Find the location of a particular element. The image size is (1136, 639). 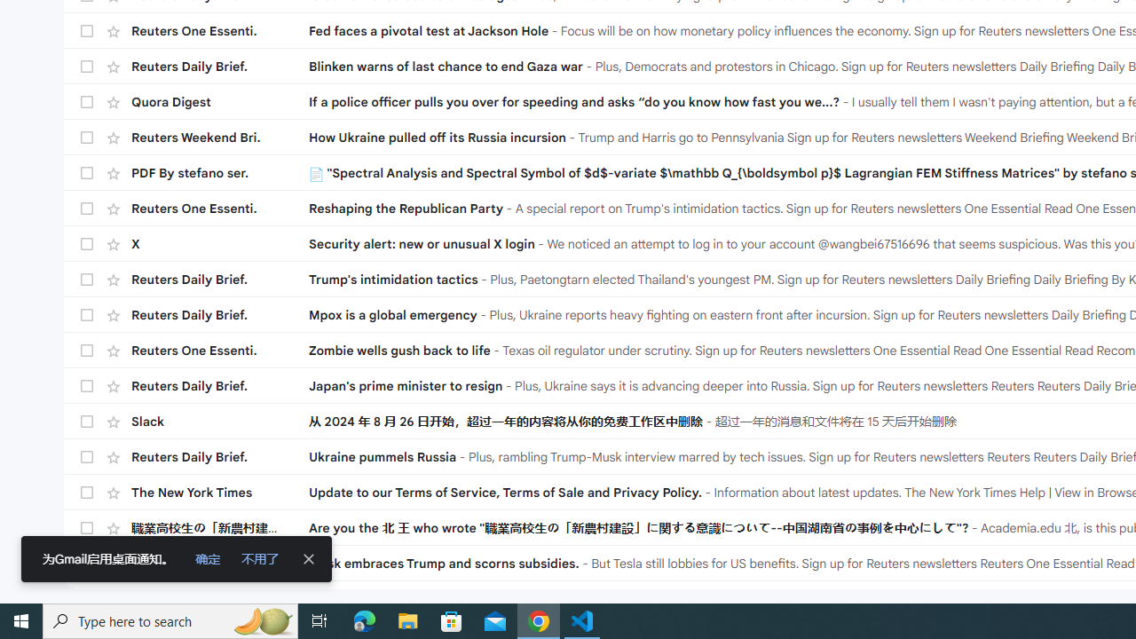

'Reuters Weekend Bri.' is located at coordinates (219, 136).